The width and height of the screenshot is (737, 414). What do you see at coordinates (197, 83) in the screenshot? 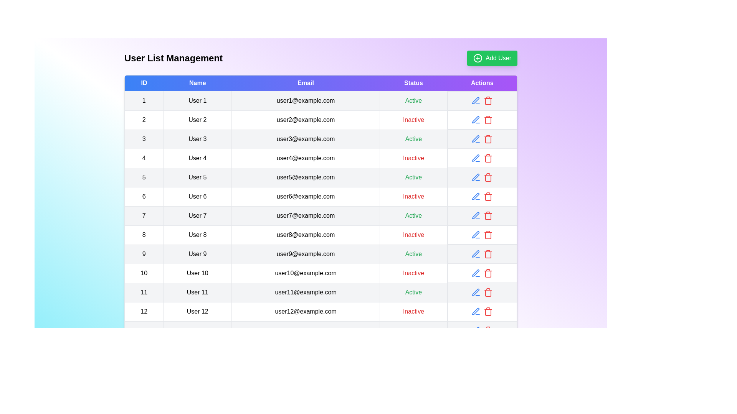
I see `the column header to sort the table by Name` at bounding box center [197, 83].